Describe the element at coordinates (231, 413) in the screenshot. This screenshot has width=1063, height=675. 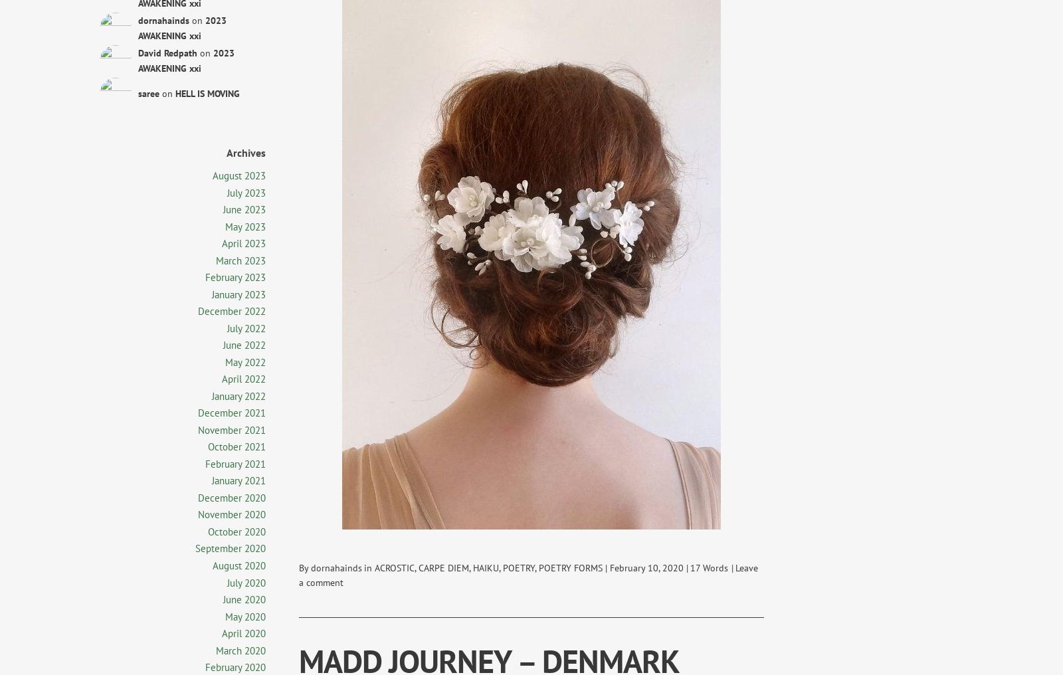
I see `'December 2021'` at that location.